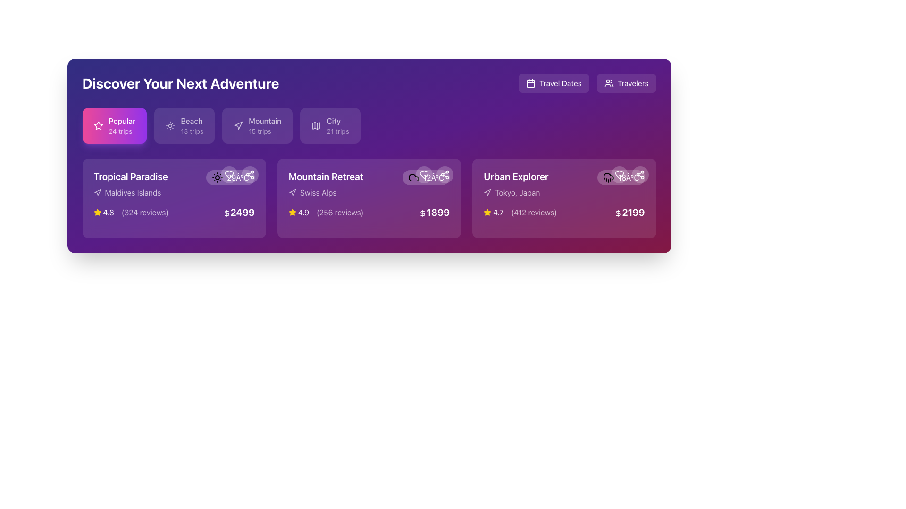 This screenshot has width=906, height=509. Describe the element at coordinates (426, 178) in the screenshot. I see `the Information Display (Weather Indicator) showing the current temperature of 12°C and a cloudy weather icon, located at the top-right corner of the 'Mountain Retreat' trip card` at that location.